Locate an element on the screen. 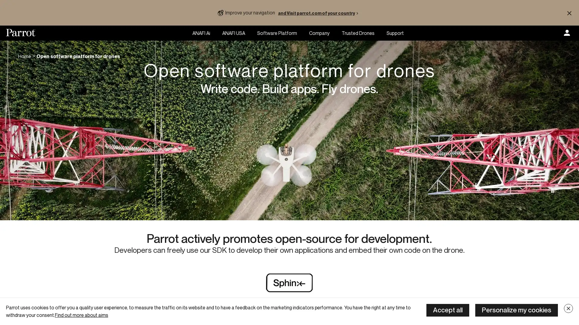  Accept all is located at coordinates (448, 310).